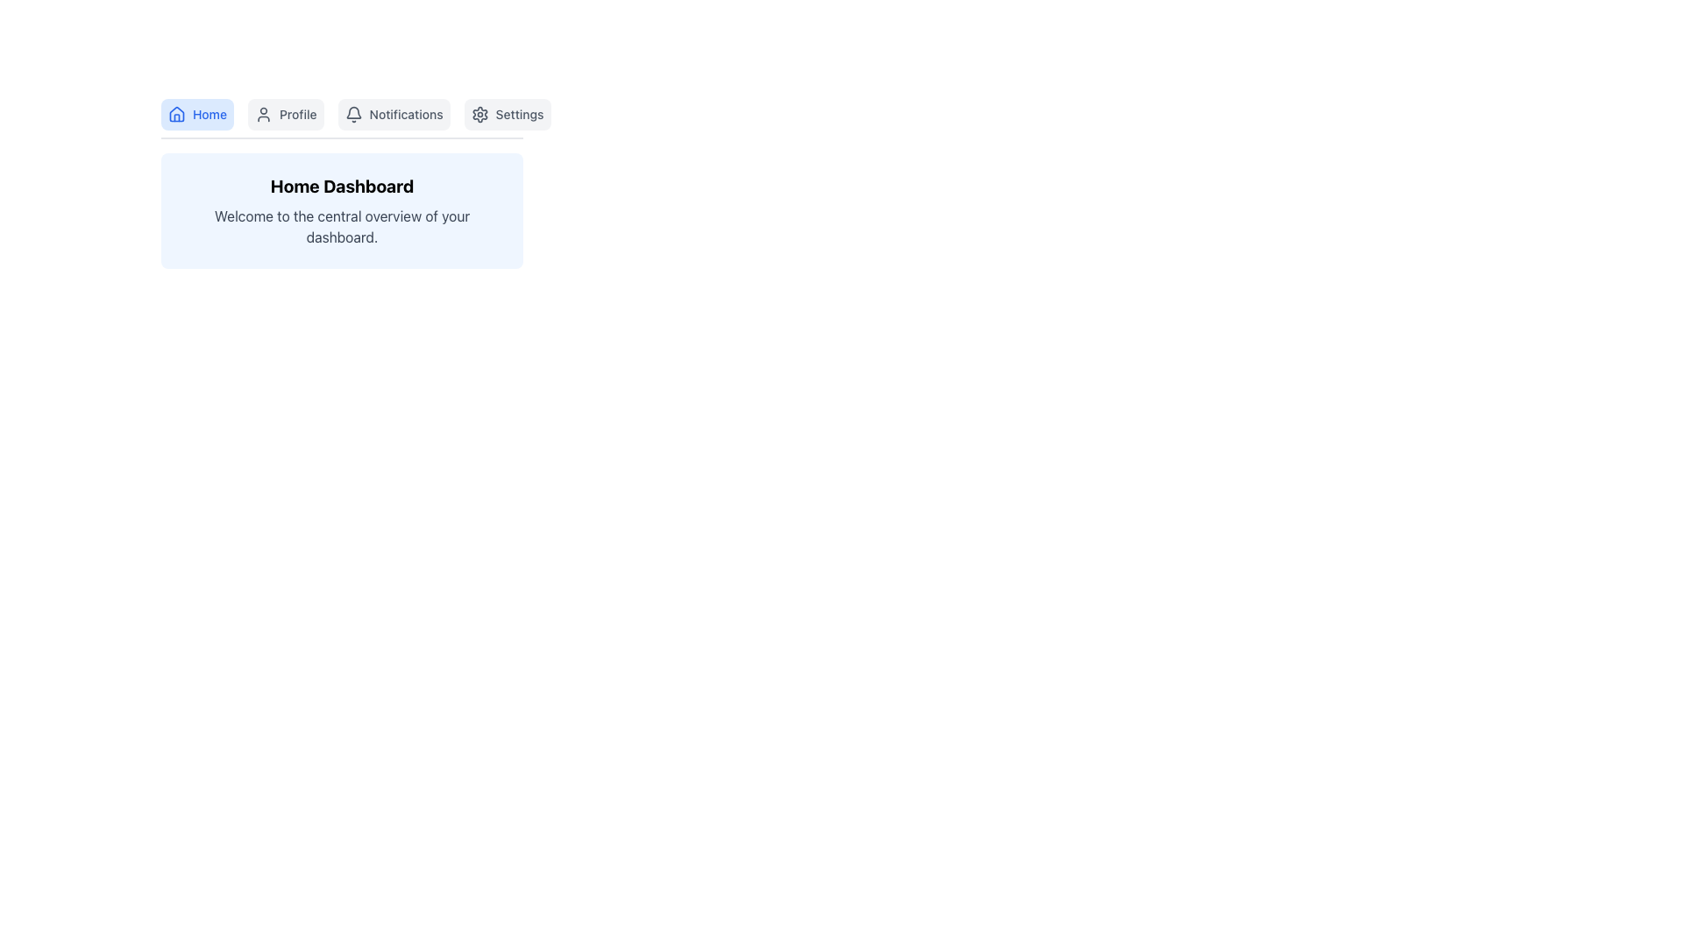 This screenshot has height=946, width=1683. Describe the element at coordinates (507, 115) in the screenshot. I see `the navigation button that redirects to the settings page, positioned to the right of the 'Notifications' button` at that location.